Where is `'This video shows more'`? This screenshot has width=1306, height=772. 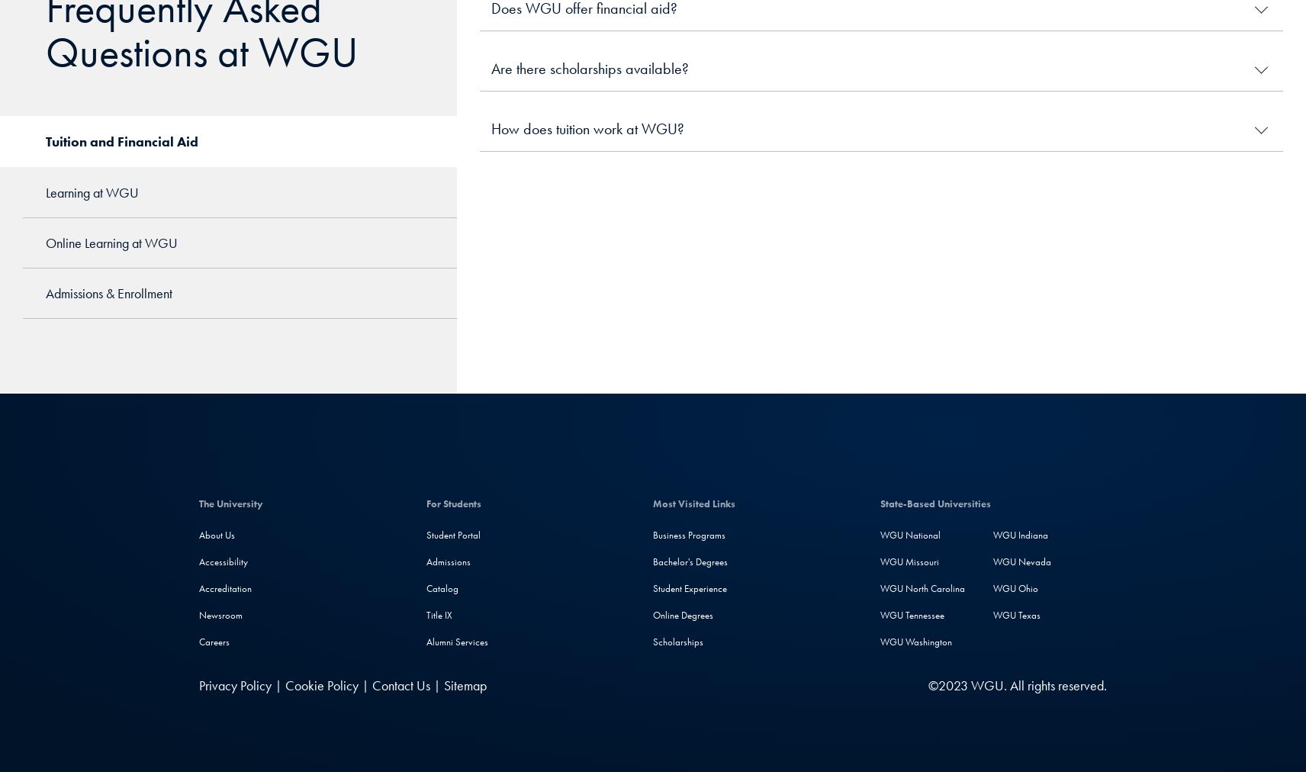
'This video shows more' is located at coordinates (884, 123).